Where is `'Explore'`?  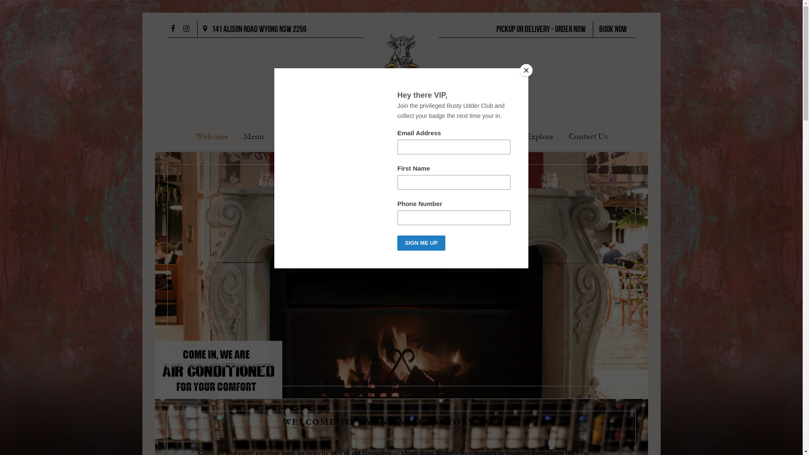 'Explore' is located at coordinates (539, 137).